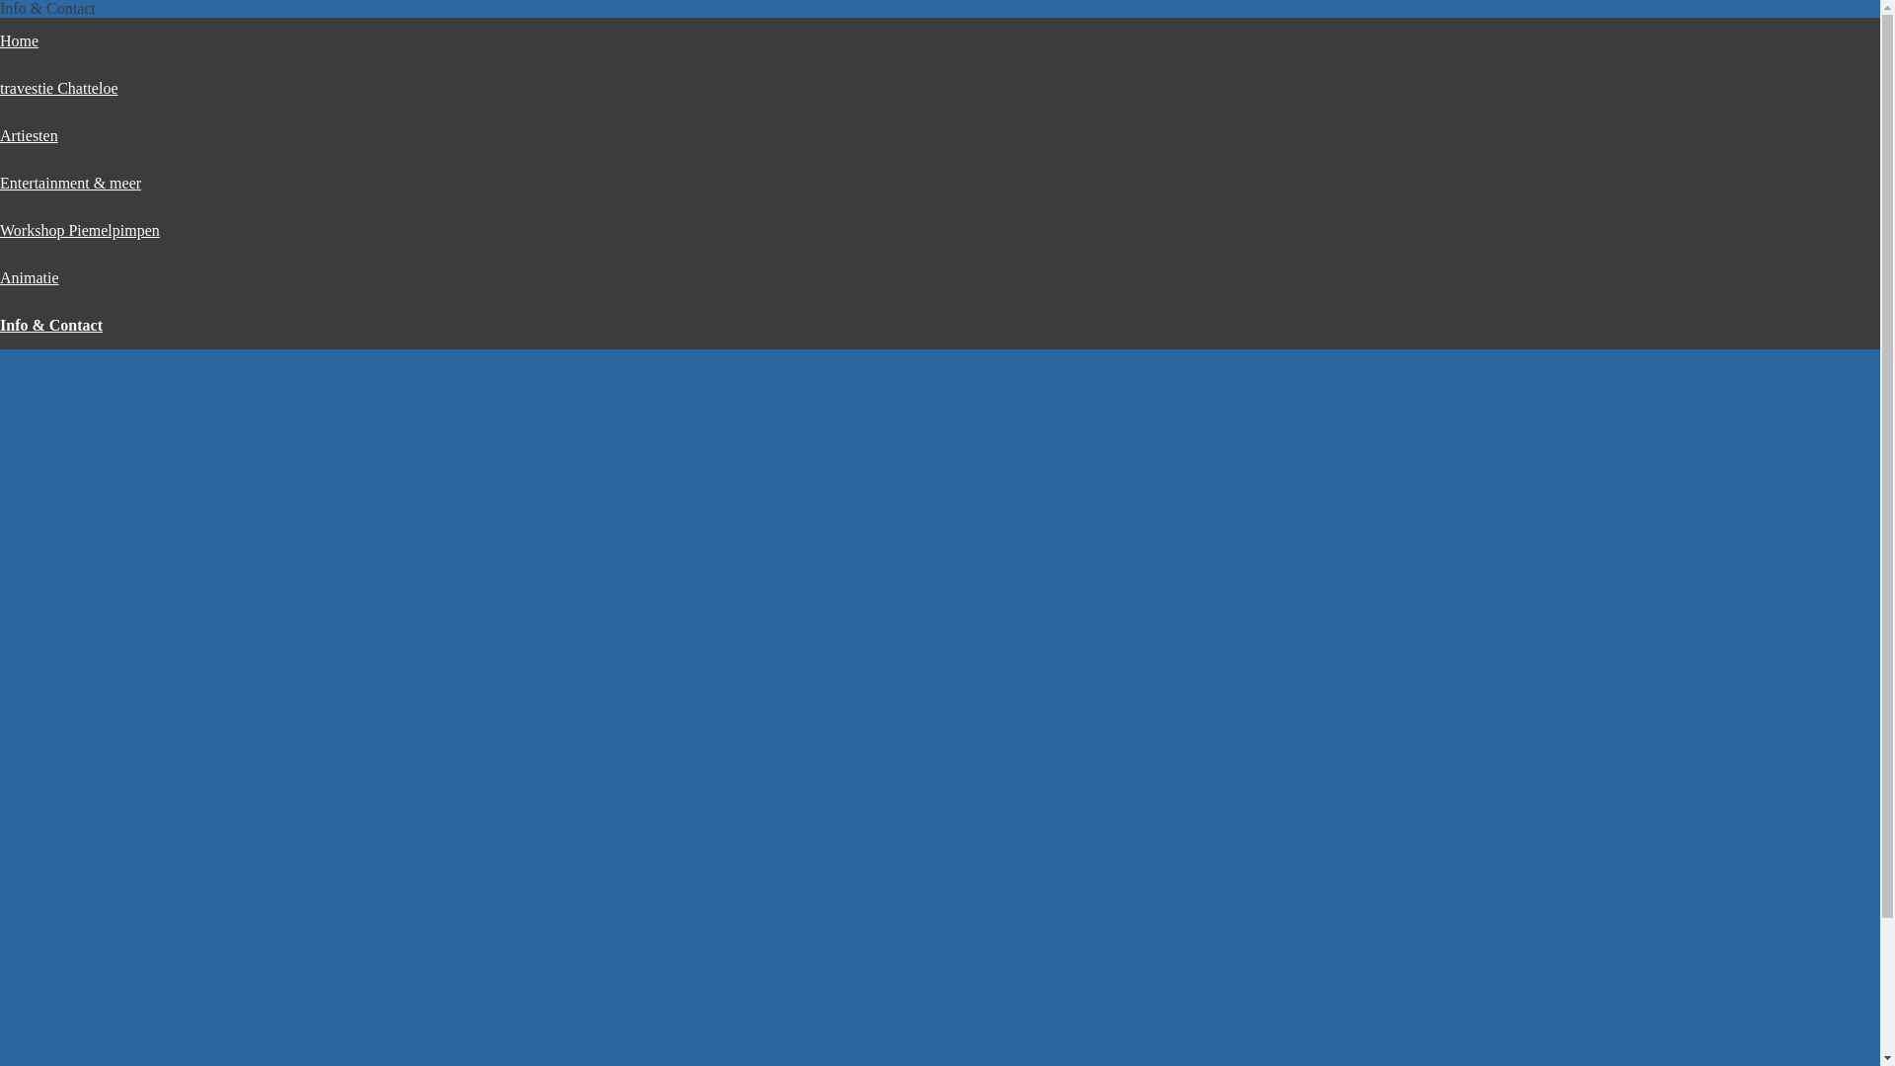 This screenshot has width=1895, height=1066. Describe the element at coordinates (0, 277) in the screenshot. I see `'Animatie'` at that location.